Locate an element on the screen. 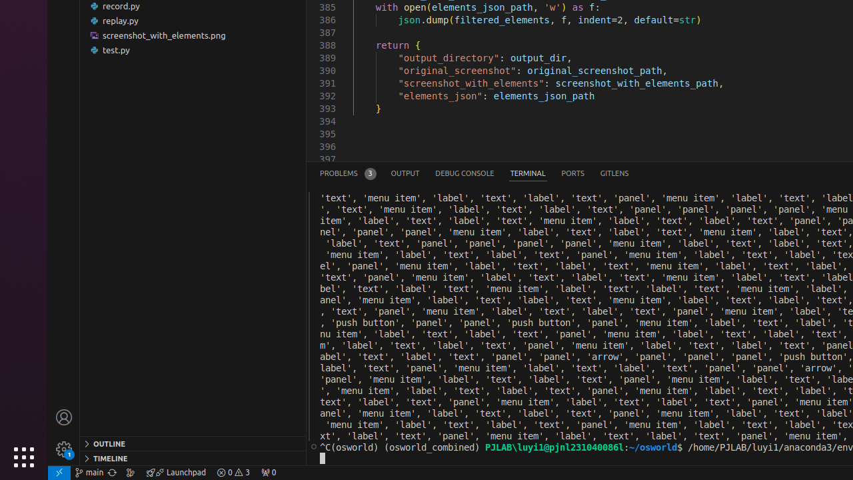 The height and width of the screenshot is (480, 853). 'Terminal (Ctrl+`)' is located at coordinates (526, 173).